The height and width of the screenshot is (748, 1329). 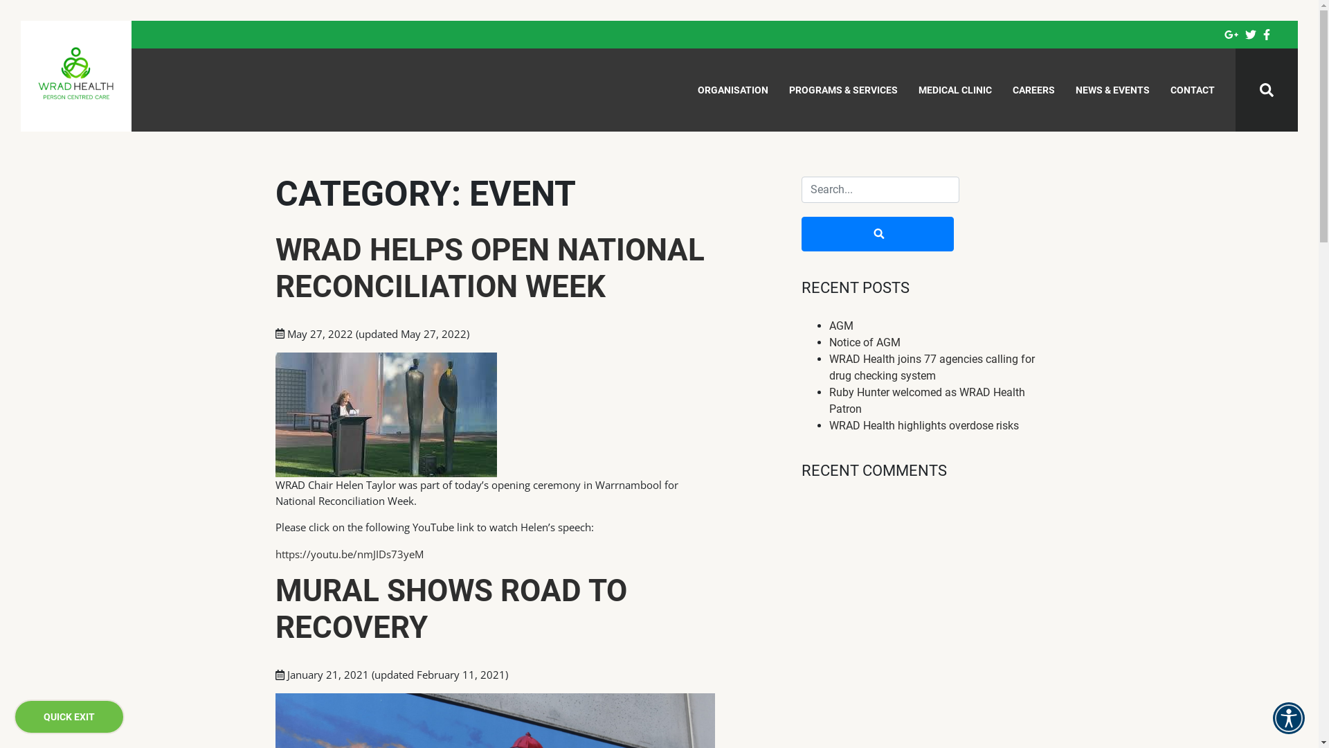 I want to click on 'PROGRAMS & SERVICES', so click(x=842, y=90).